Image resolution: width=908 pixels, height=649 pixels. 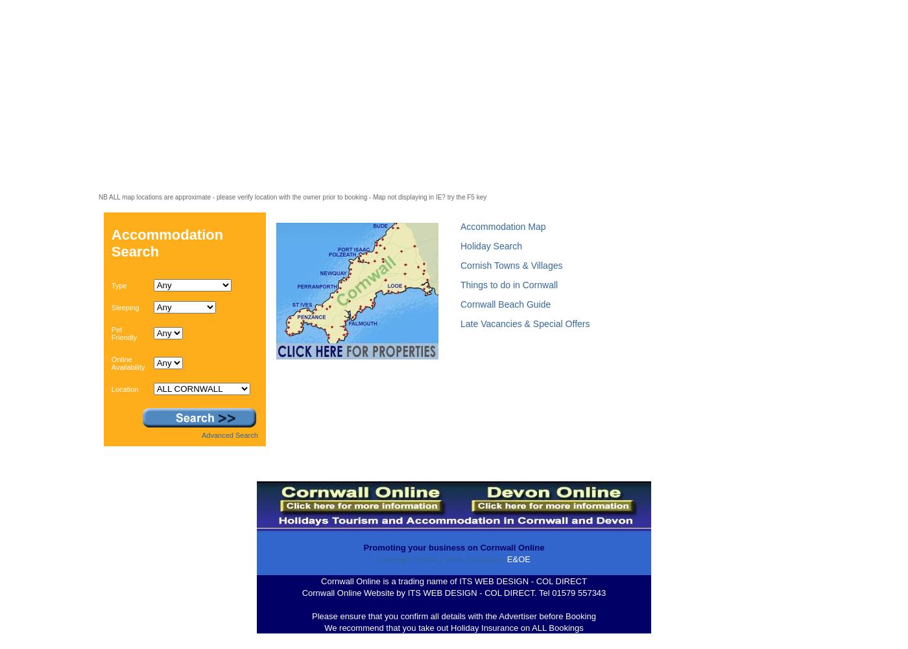 What do you see at coordinates (525, 322) in the screenshot?
I see `'Late Vacancies 
                & Special Offers'` at bounding box center [525, 322].